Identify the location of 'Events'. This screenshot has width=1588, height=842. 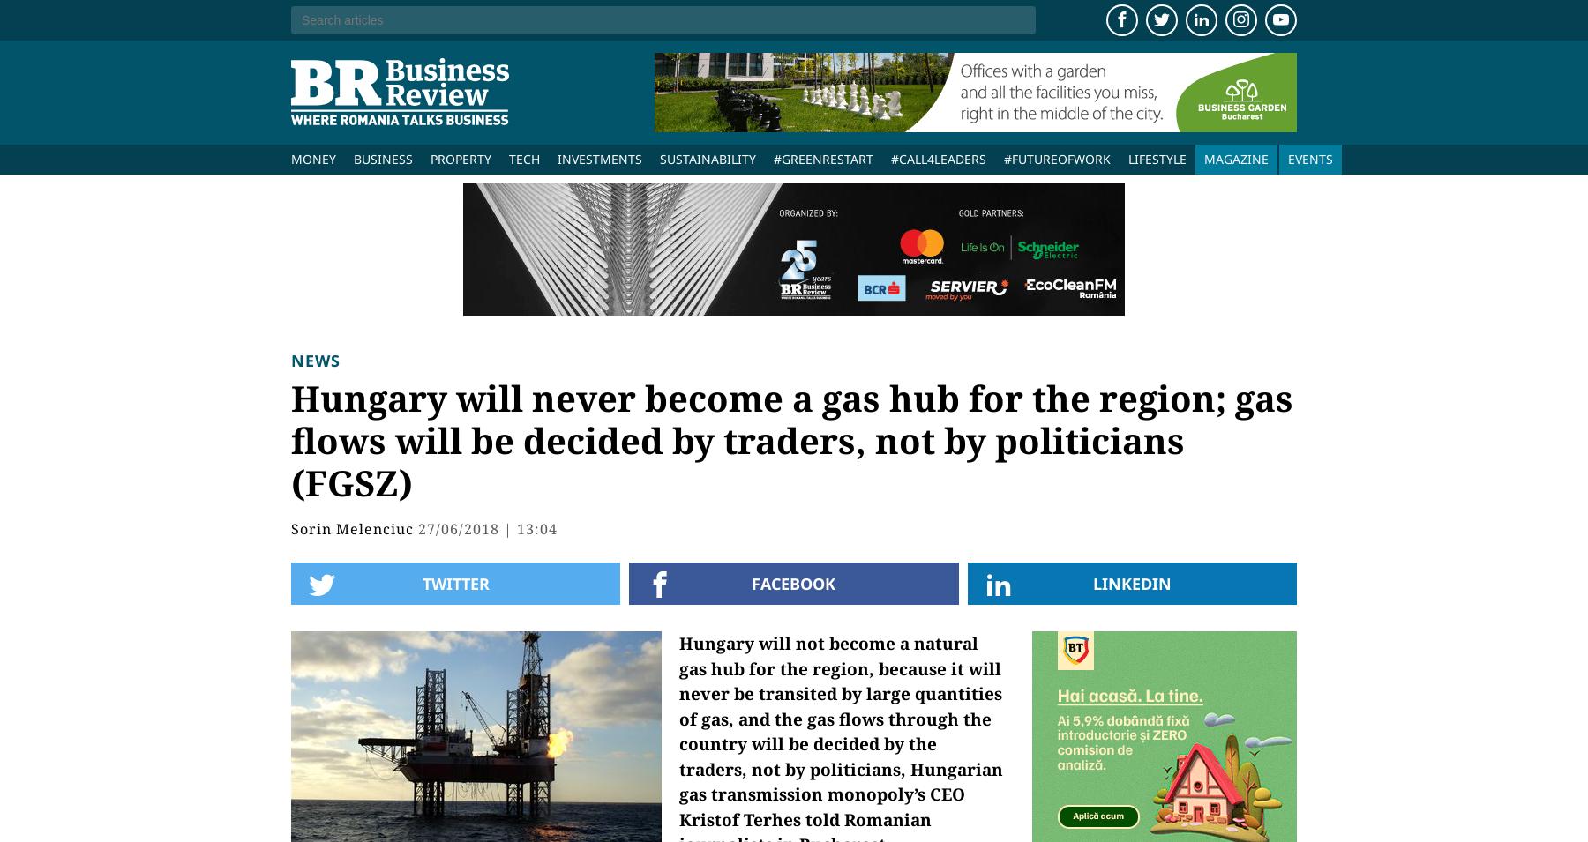
(1310, 159).